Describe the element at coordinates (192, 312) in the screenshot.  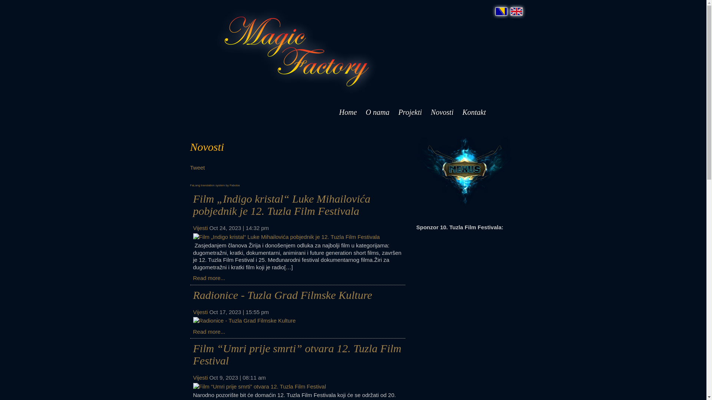
I see `'Vijesti'` at that location.